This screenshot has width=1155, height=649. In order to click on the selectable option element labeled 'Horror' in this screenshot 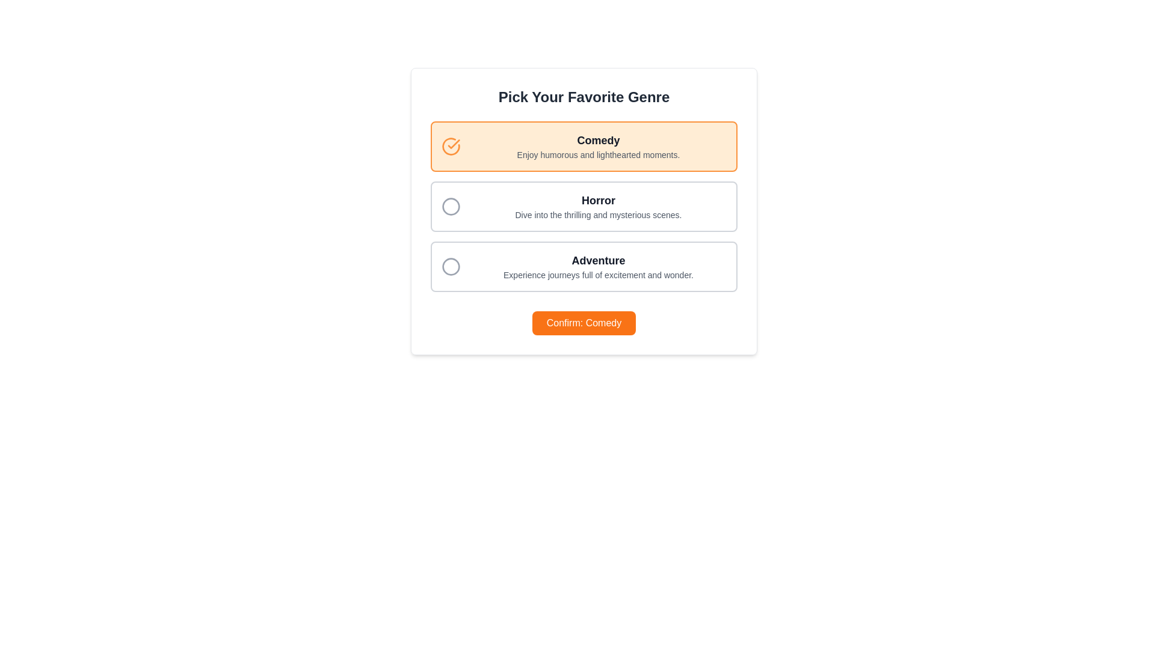, I will do `click(584, 206)`.